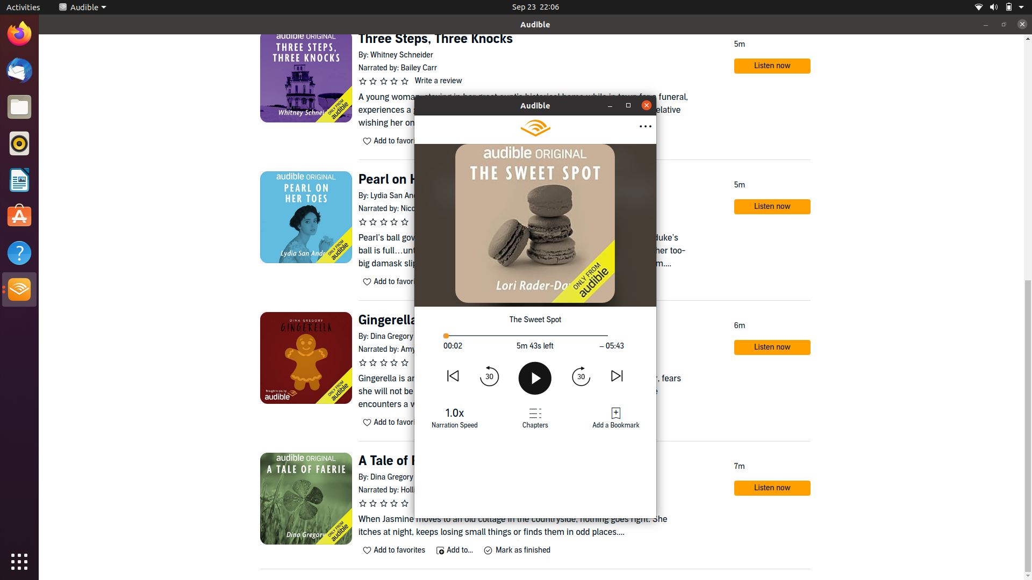 This screenshot has height=580, width=1032. Describe the element at coordinates (615, 417) in the screenshot. I see `Save current page to bookmark list` at that location.